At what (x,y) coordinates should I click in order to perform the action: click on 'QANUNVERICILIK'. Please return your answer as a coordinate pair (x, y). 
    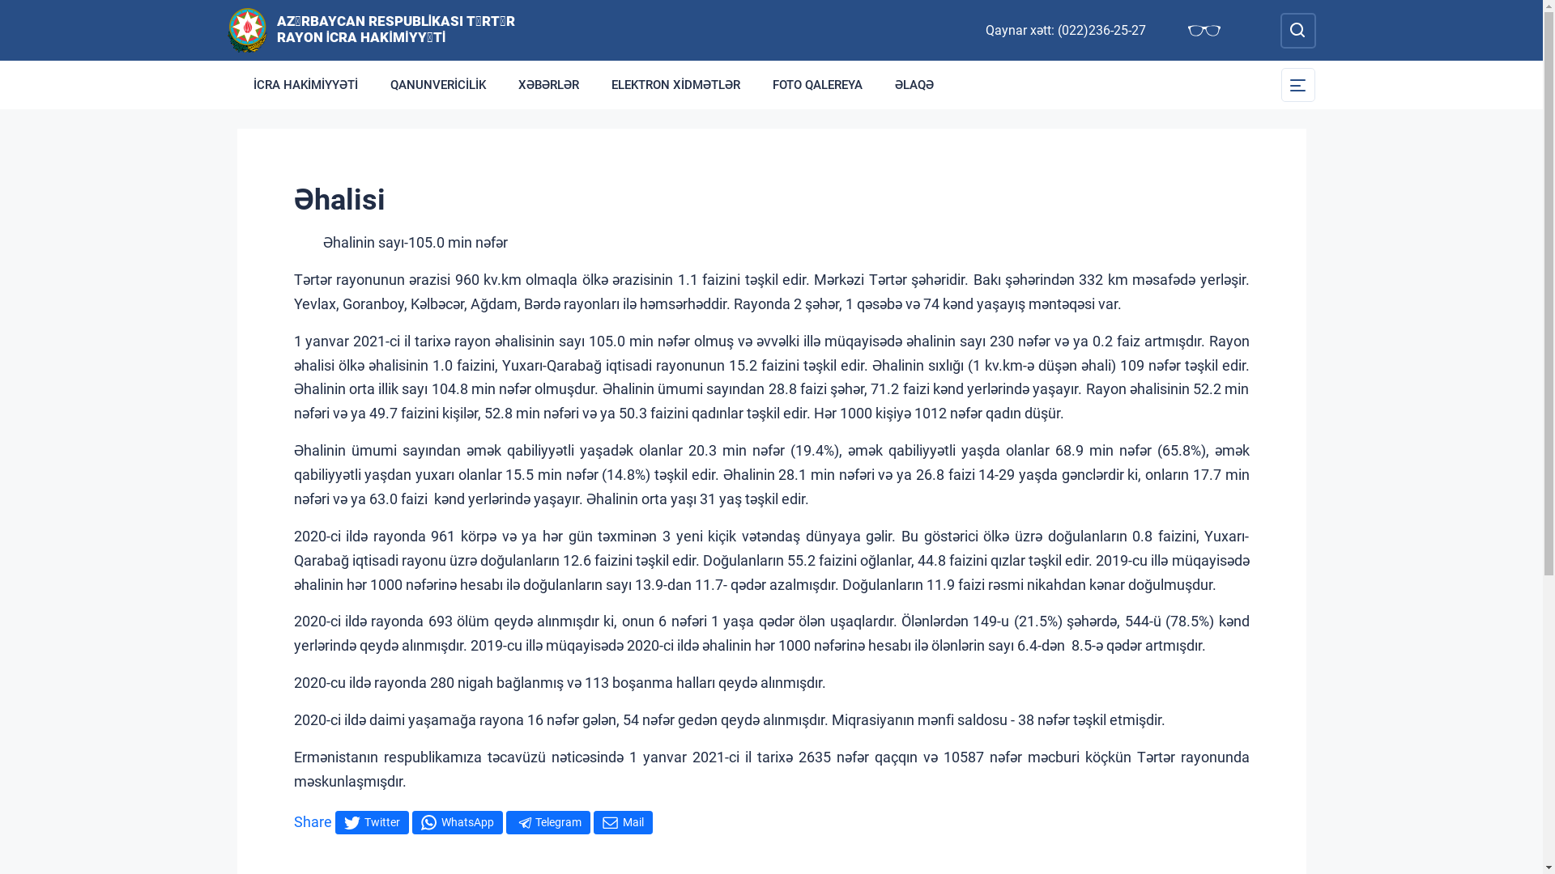
    Looking at the image, I should click on (438, 84).